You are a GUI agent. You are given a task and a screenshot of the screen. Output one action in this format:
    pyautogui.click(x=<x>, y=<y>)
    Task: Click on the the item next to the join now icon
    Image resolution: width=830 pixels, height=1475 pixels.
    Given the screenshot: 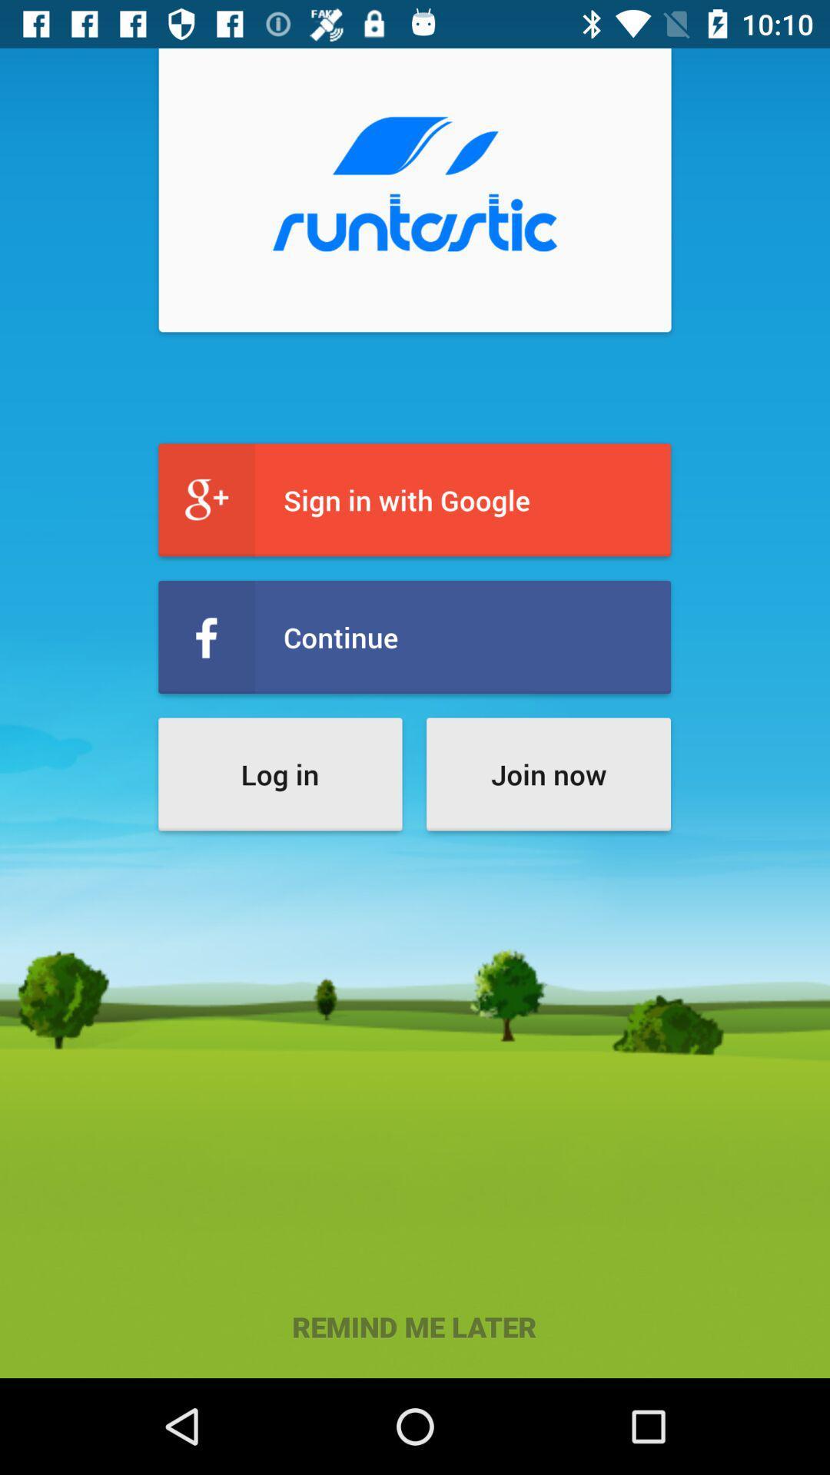 What is the action you would take?
    pyautogui.click(x=280, y=774)
    